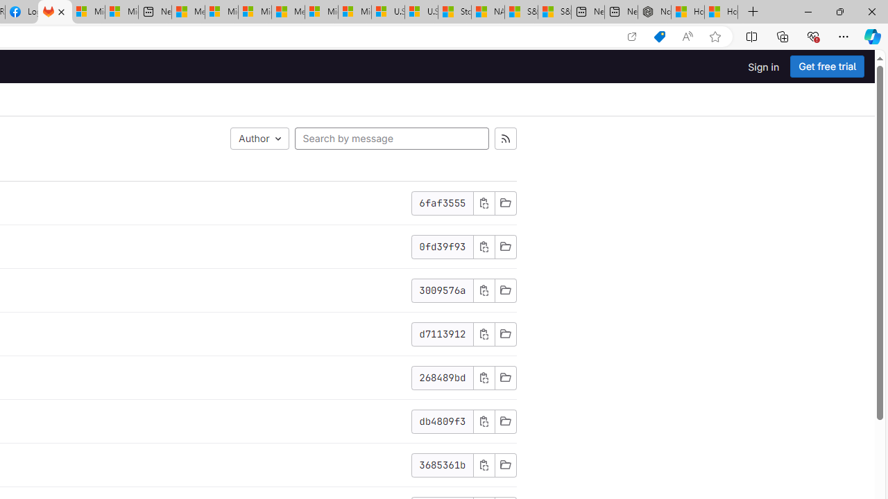 Image resolution: width=888 pixels, height=499 pixels. What do you see at coordinates (827, 67) in the screenshot?
I see `'Get free trial'` at bounding box center [827, 67].